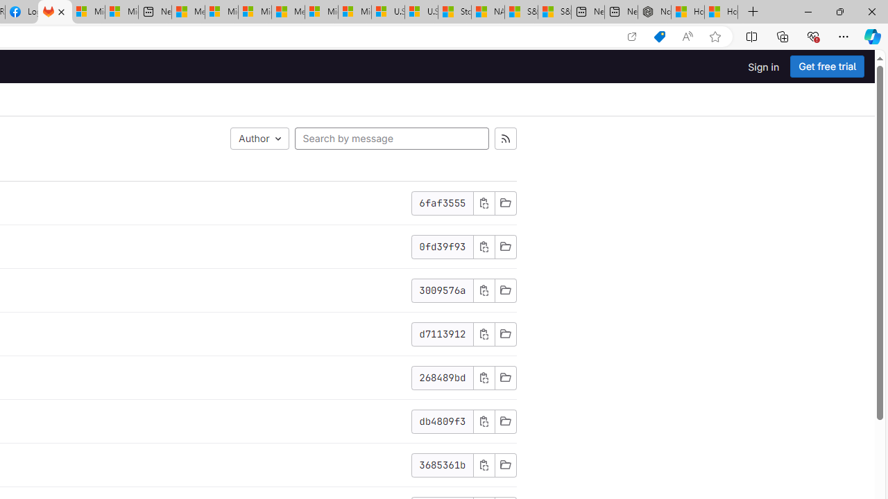 Image resolution: width=888 pixels, height=499 pixels. What do you see at coordinates (827, 67) in the screenshot?
I see `'Get free trial'` at bounding box center [827, 67].